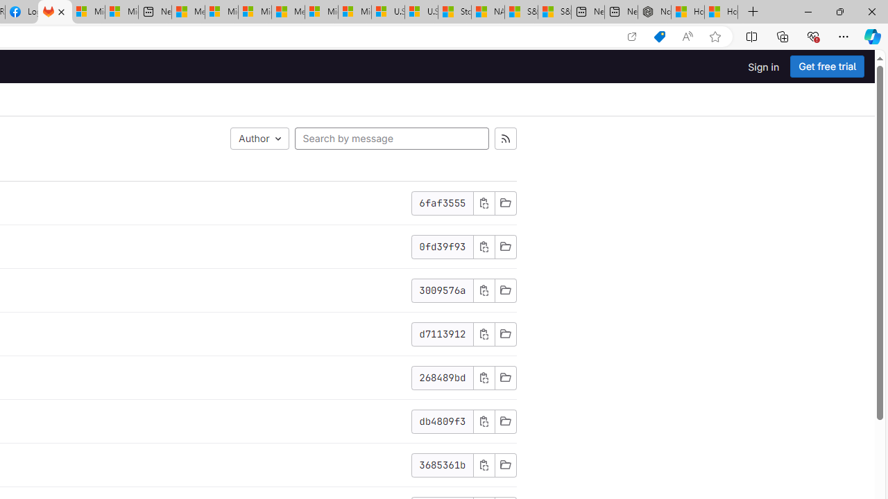 Image resolution: width=888 pixels, height=499 pixels. What do you see at coordinates (827, 67) in the screenshot?
I see `'Get free trial'` at bounding box center [827, 67].